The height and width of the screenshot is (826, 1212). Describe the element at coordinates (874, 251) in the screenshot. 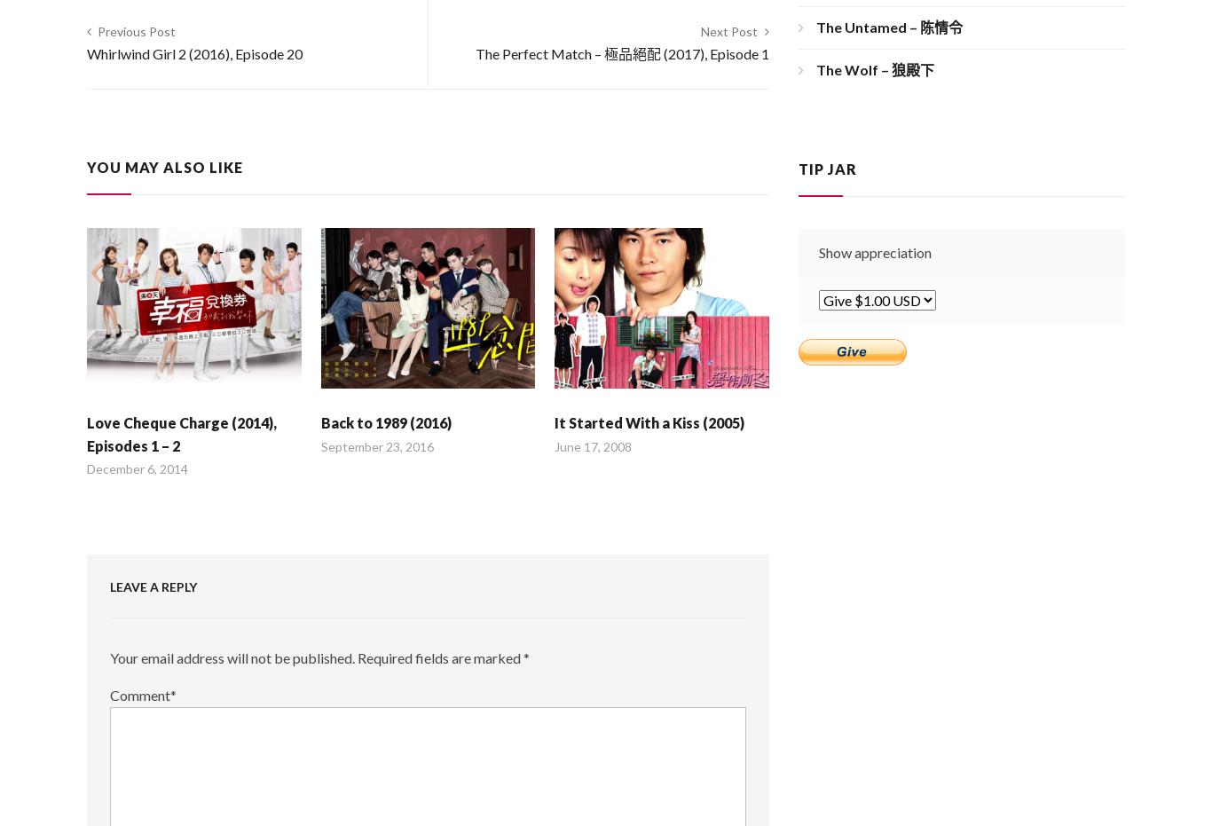

I see `'Show appreciation'` at that location.